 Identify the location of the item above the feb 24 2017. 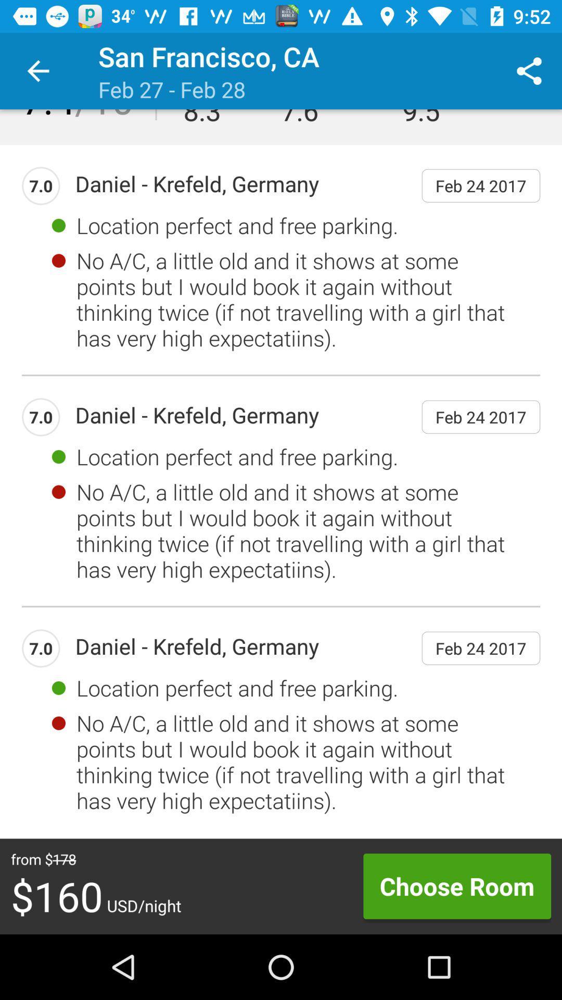
(529, 70).